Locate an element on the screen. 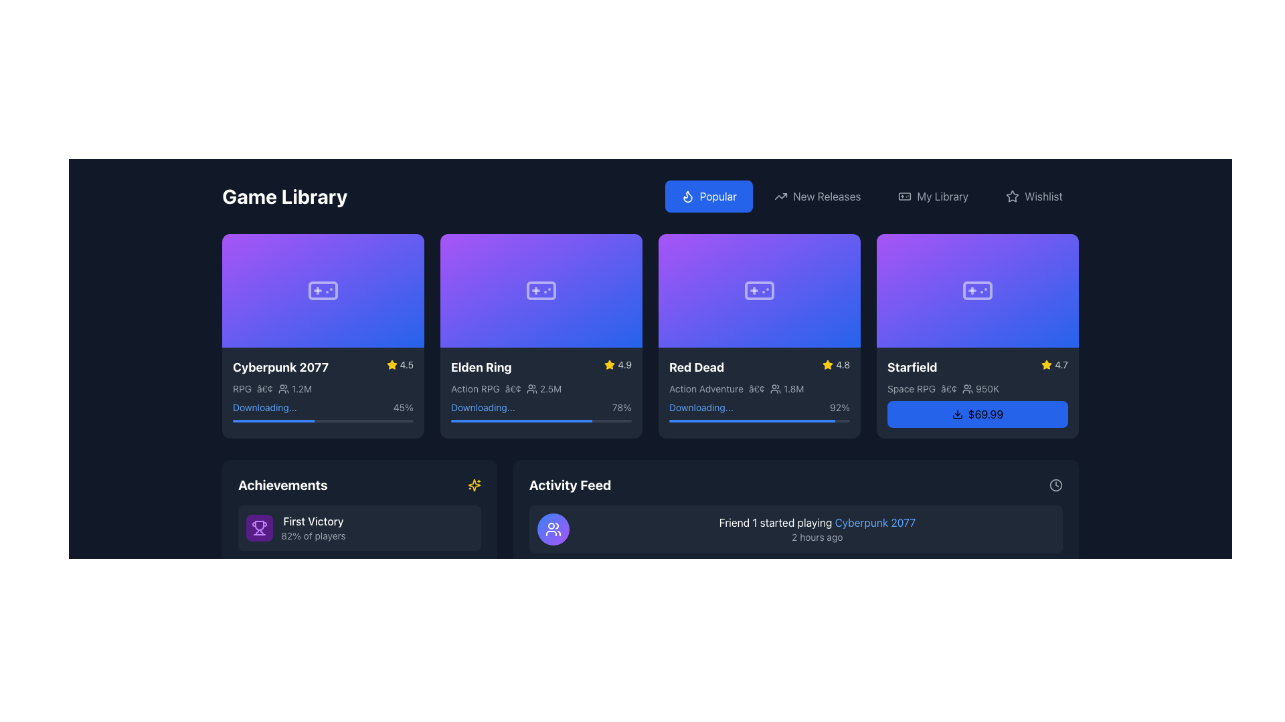  the rating icon located on the top-right of the 'Cyberpunk 2077' card in the Game Library section, positioned to the left of the numeric rating value '4.5' is located at coordinates (391, 364).